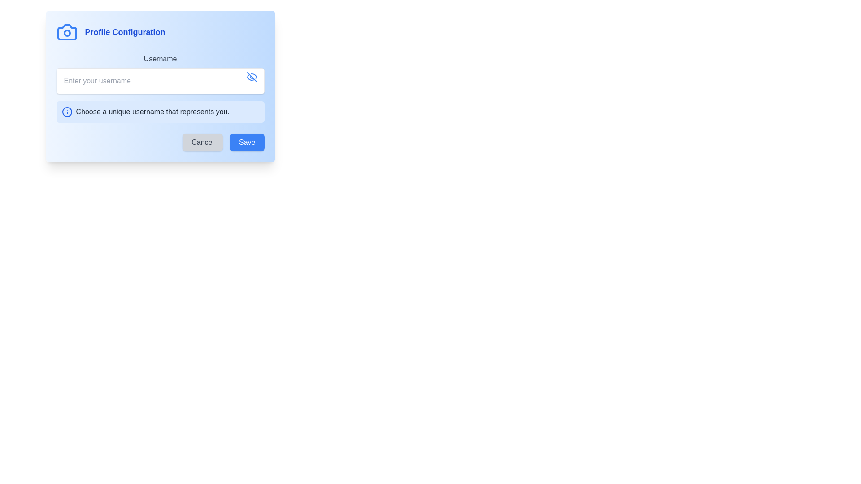 This screenshot has width=861, height=484. What do you see at coordinates (160, 59) in the screenshot?
I see `the 'Username' label with gray font on a light blue background, located within the 'Profile Configuration' dialog box, positioned above an input field` at bounding box center [160, 59].